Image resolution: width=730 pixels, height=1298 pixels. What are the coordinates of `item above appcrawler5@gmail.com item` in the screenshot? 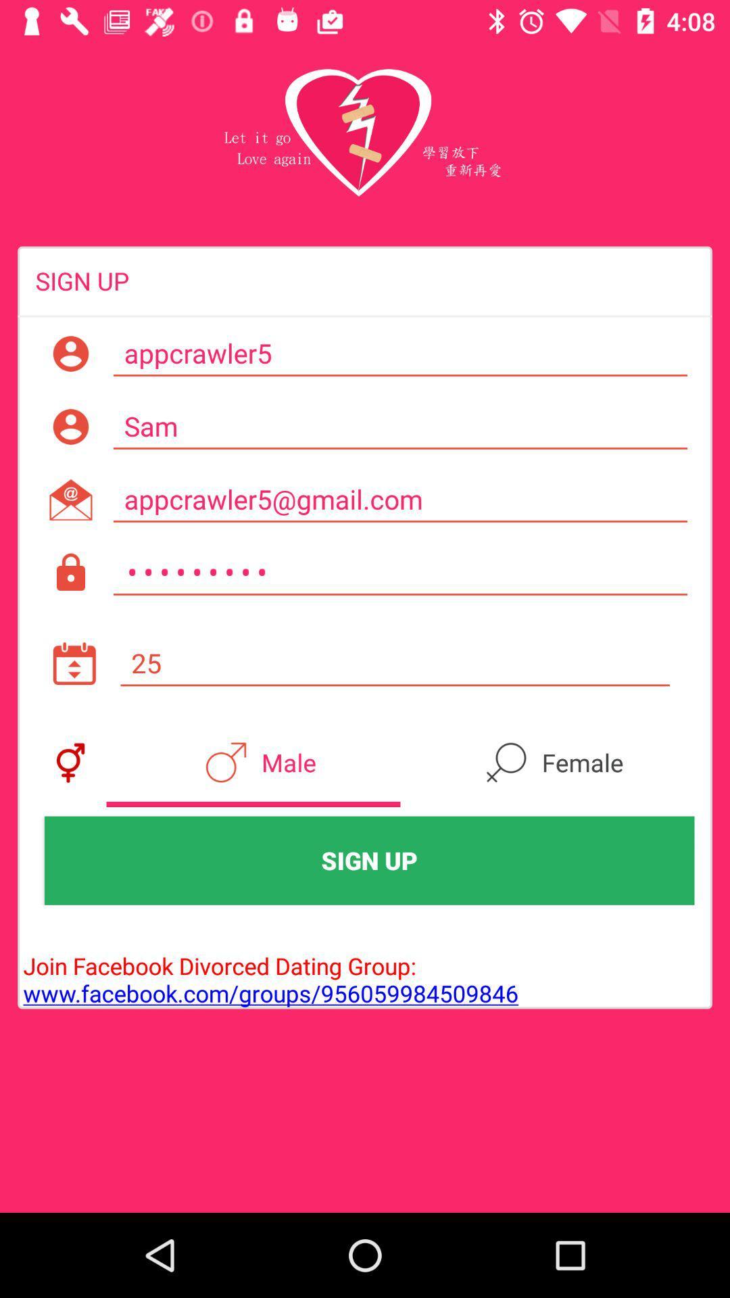 It's located at (399, 426).